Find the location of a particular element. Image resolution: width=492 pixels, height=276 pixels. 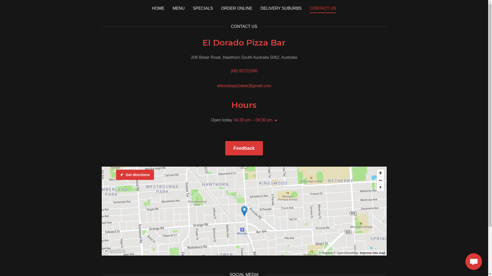

'Zoom in' is located at coordinates (380, 172).